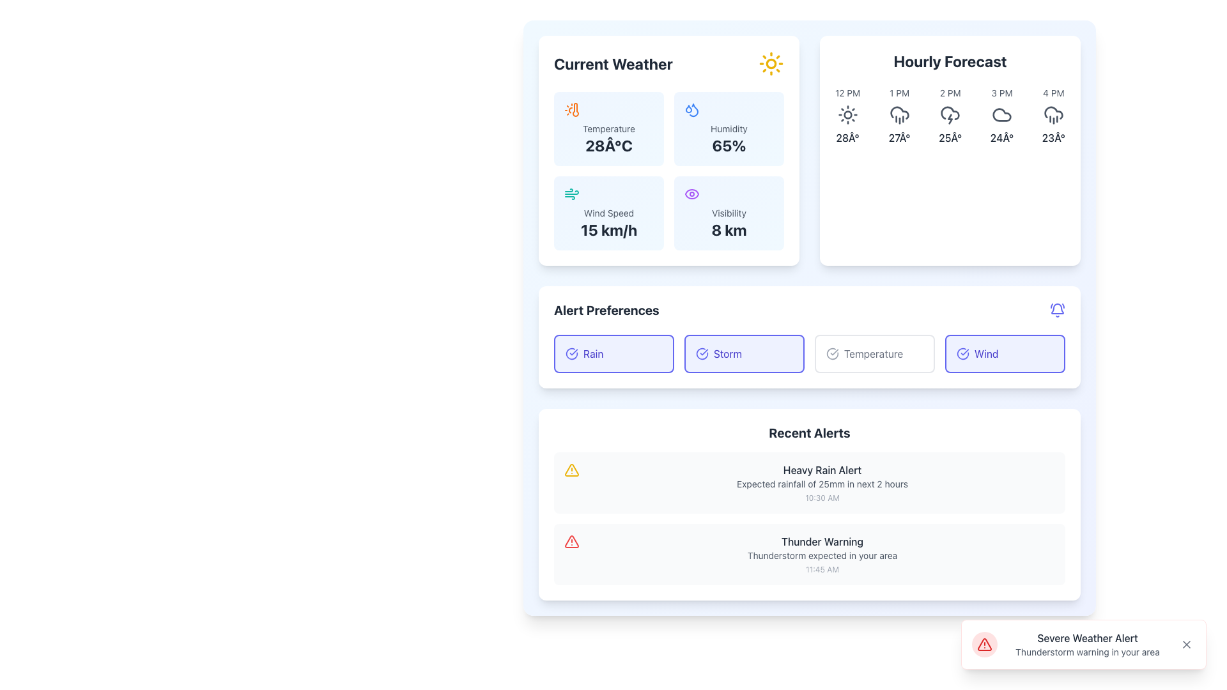 This screenshot has height=690, width=1227. Describe the element at coordinates (1186, 645) in the screenshot. I see `the close button in the top-right corner of the 'Severe Weather Alert' notification card` at that location.